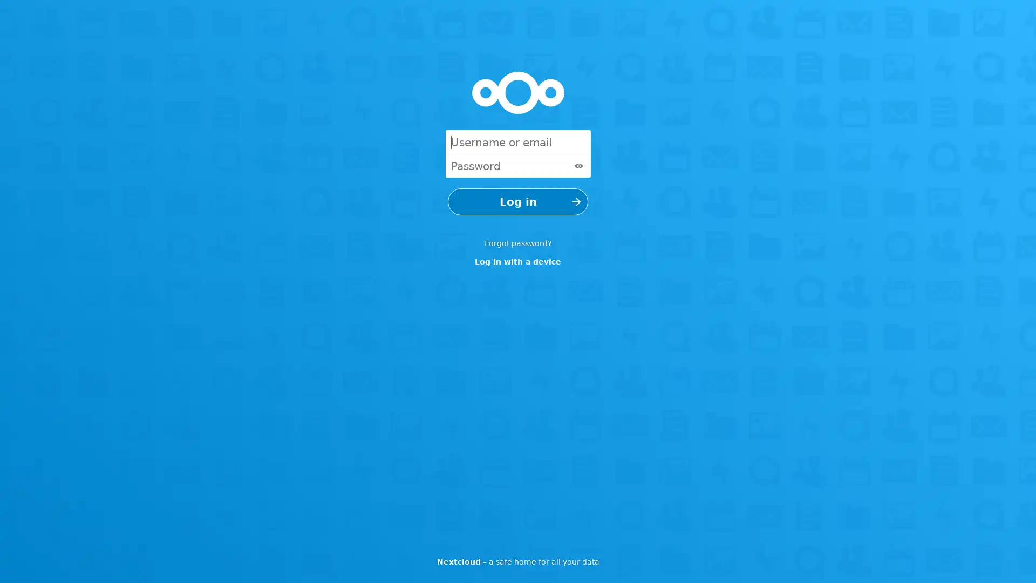 The height and width of the screenshot is (583, 1036). What do you see at coordinates (518, 202) in the screenshot?
I see `Log in` at bounding box center [518, 202].